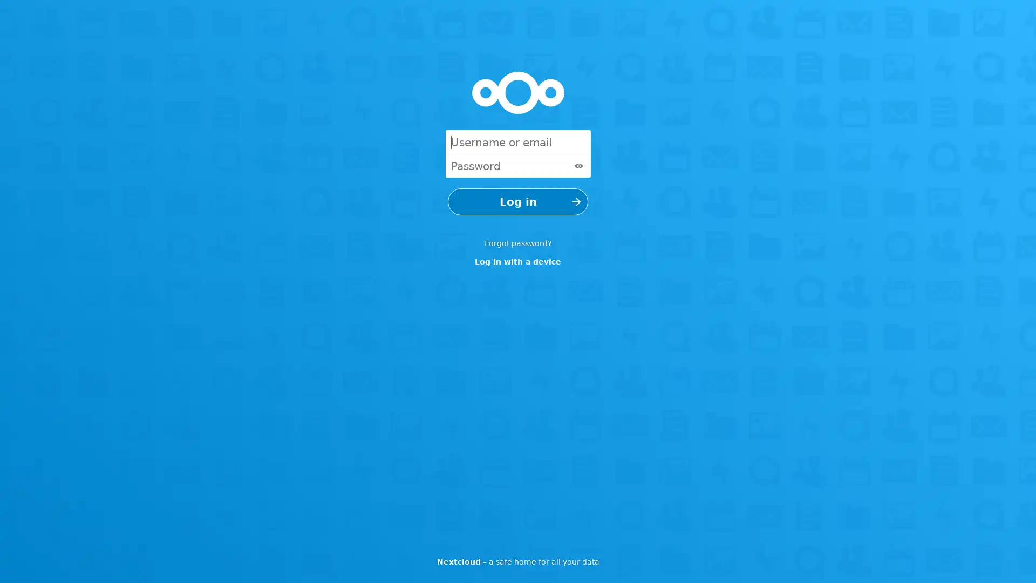 The height and width of the screenshot is (583, 1036). What do you see at coordinates (518, 202) in the screenshot?
I see `Log in` at bounding box center [518, 202].